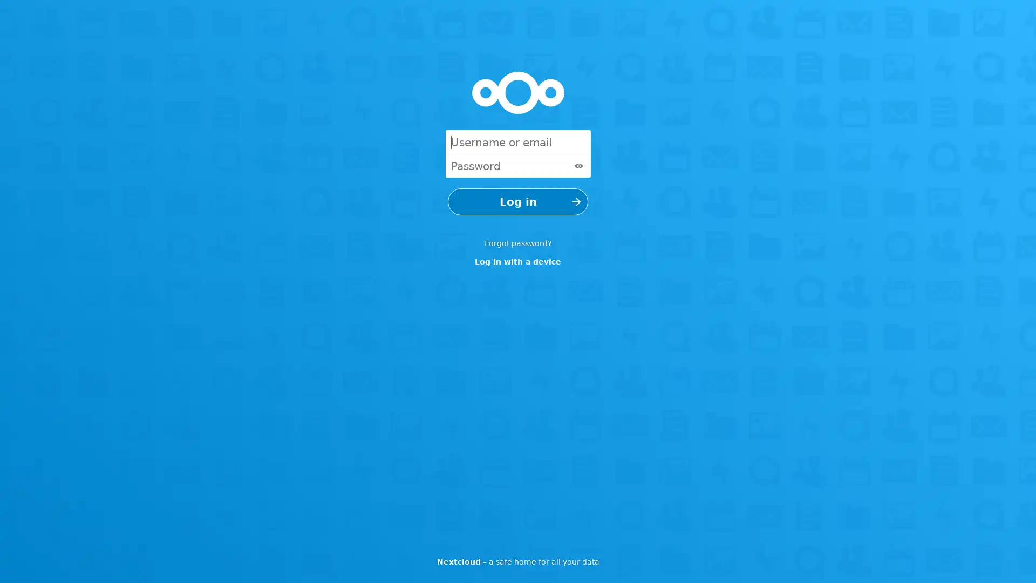 The height and width of the screenshot is (583, 1036). What do you see at coordinates (518, 202) in the screenshot?
I see `Log in` at bounding box center [518, 202].